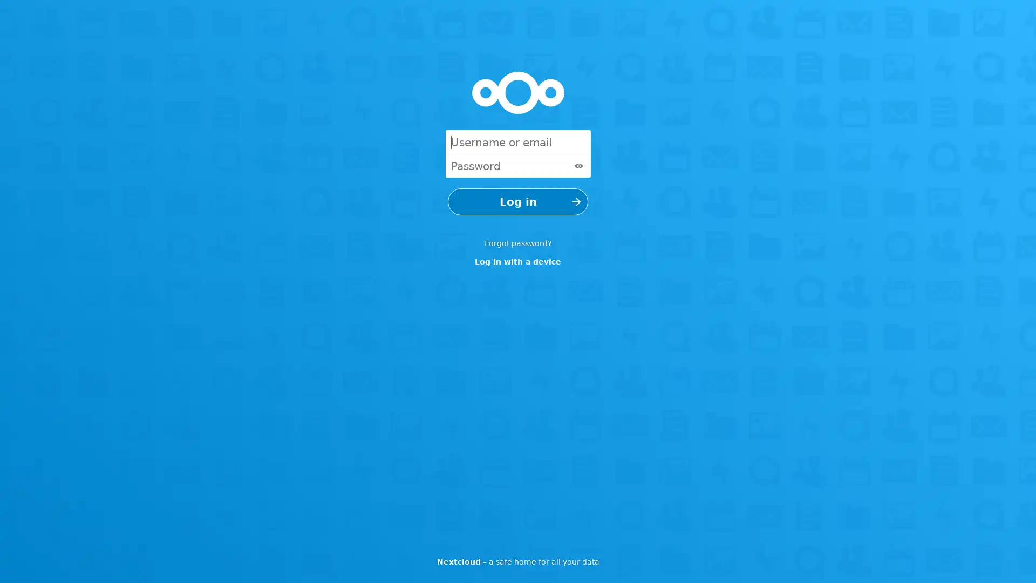 The height and width of the screenshot is (583, 1036). What do you see at coordinates (518, 202) in the screenshot?
I see `Log in` at bounding box center [518, 202].